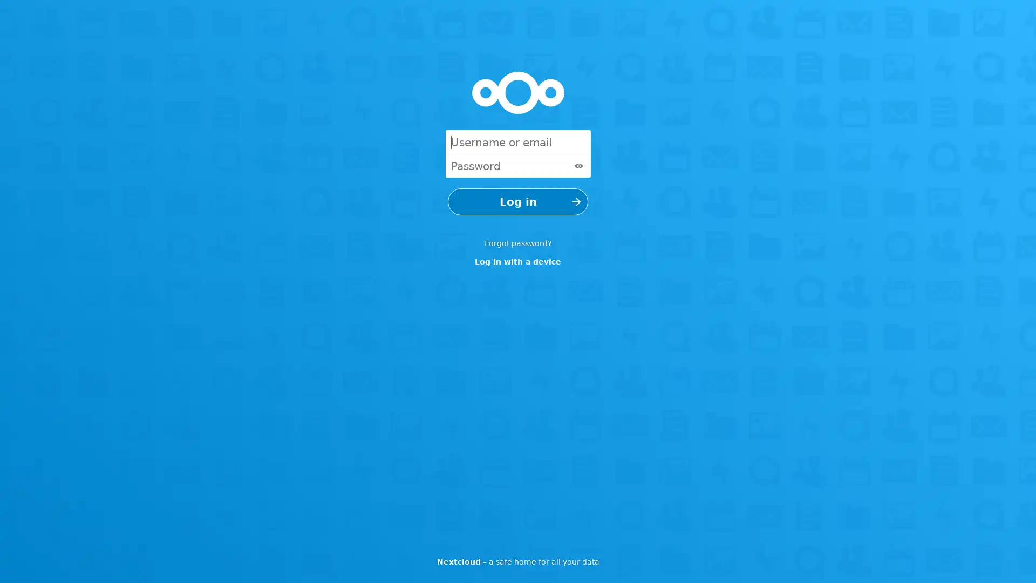 The height and width of the screenshot is (583, 1036). What do you see at coordinates (518, 202) in the screenshot?
I see `Log in` at bounding box center [518, 202].